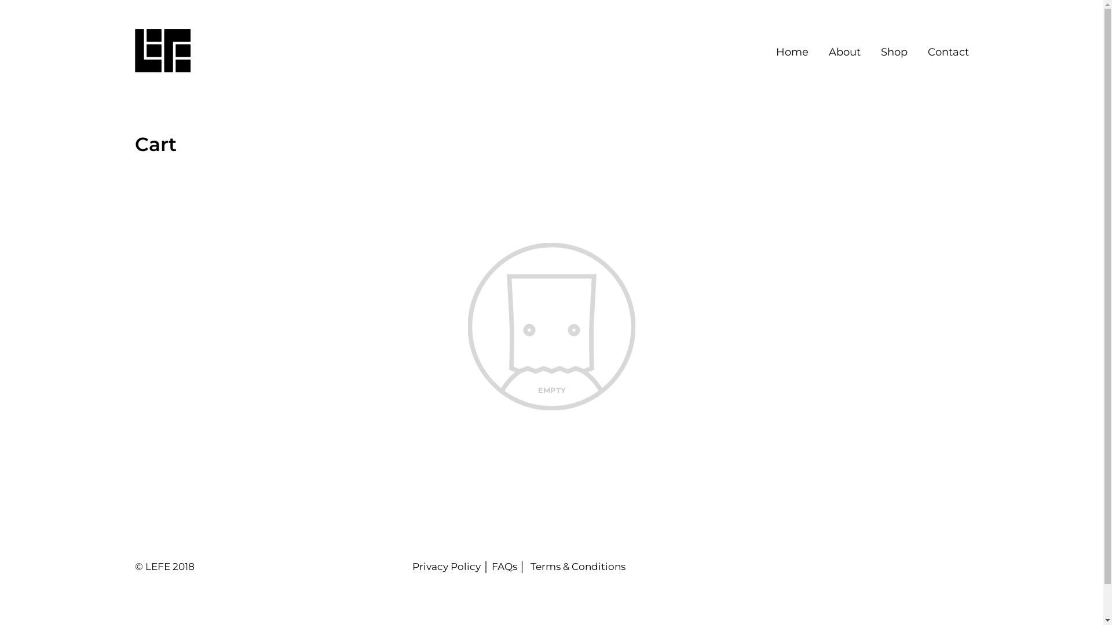 Image resolution: width=1112 pixels, height=625 pixels. I want to click on 'Home', so click(792, 51).